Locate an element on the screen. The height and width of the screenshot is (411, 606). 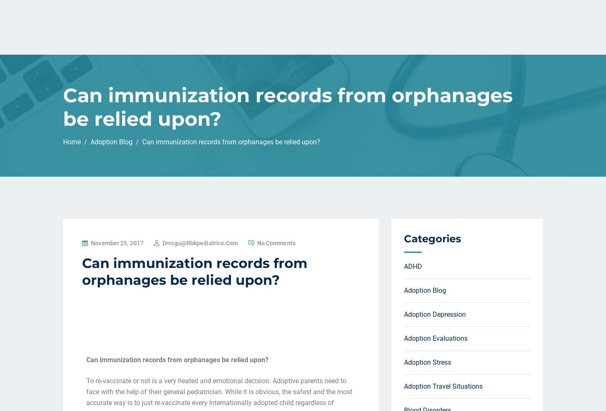
'In order to accept and continue a number of strict criteria will need to be met first:' is located at coordinates (210, 131).